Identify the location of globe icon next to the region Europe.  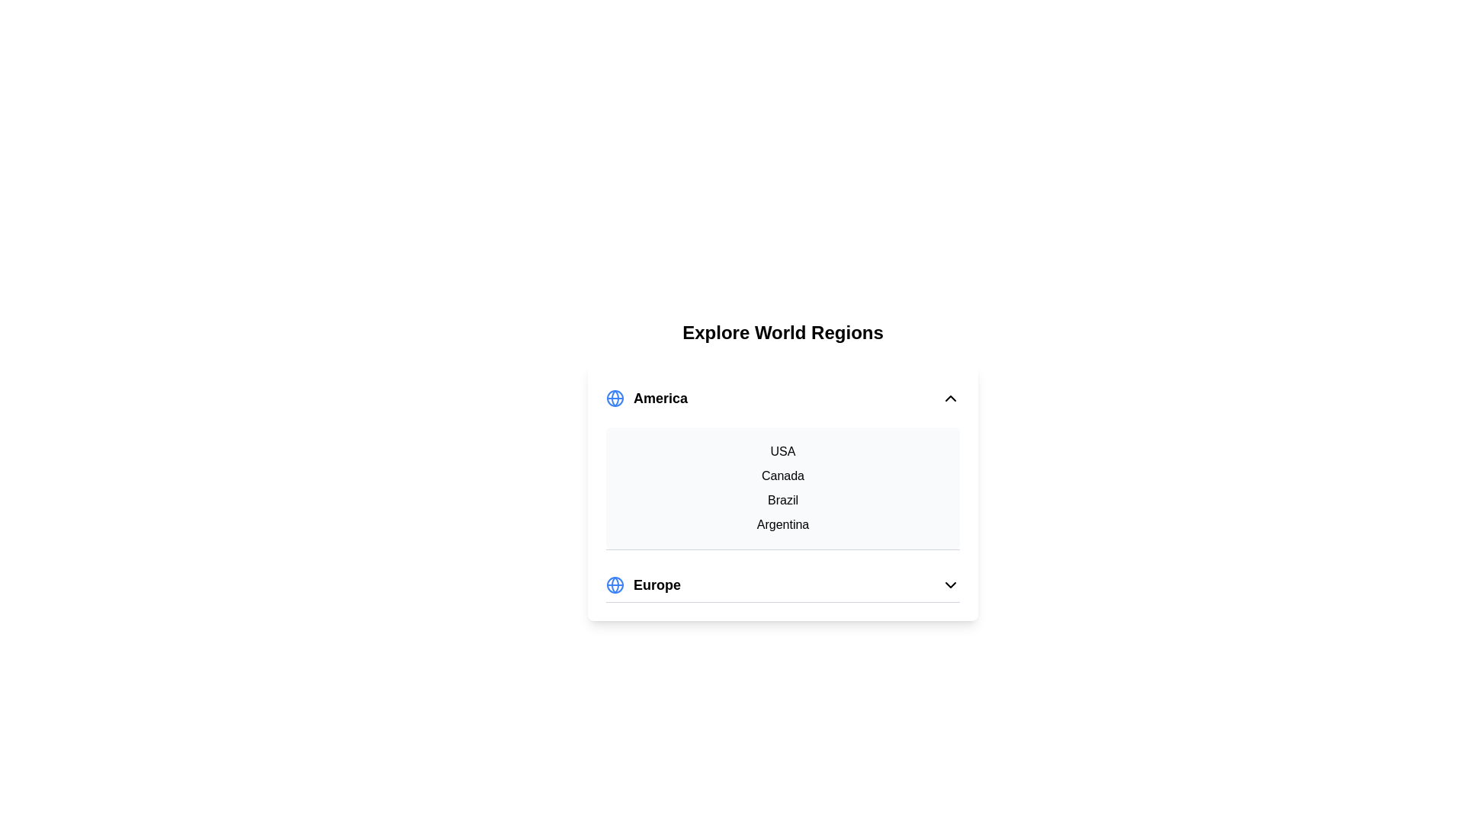
(615, 584).